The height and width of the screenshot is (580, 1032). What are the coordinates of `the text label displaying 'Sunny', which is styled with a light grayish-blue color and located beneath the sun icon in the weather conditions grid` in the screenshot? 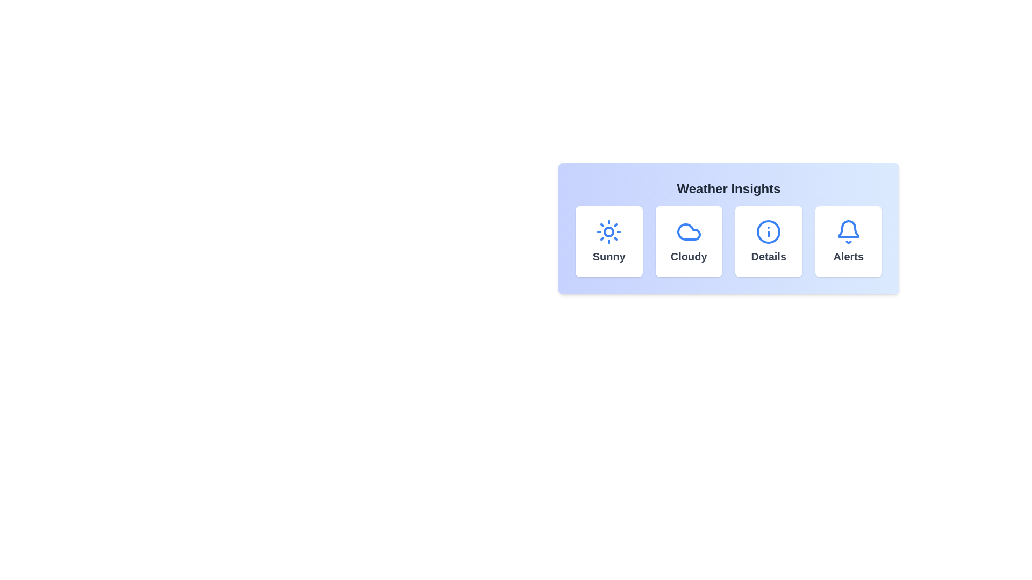 It's located at (609, 257).